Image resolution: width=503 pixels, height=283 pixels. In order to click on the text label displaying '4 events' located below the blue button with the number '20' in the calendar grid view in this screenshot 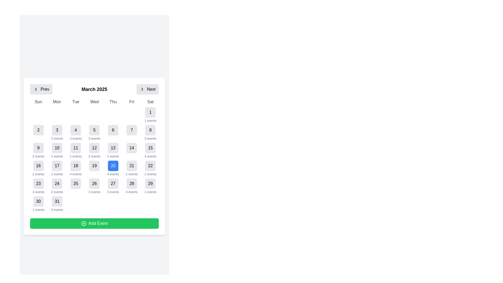, I will do `click(113, 174)`.